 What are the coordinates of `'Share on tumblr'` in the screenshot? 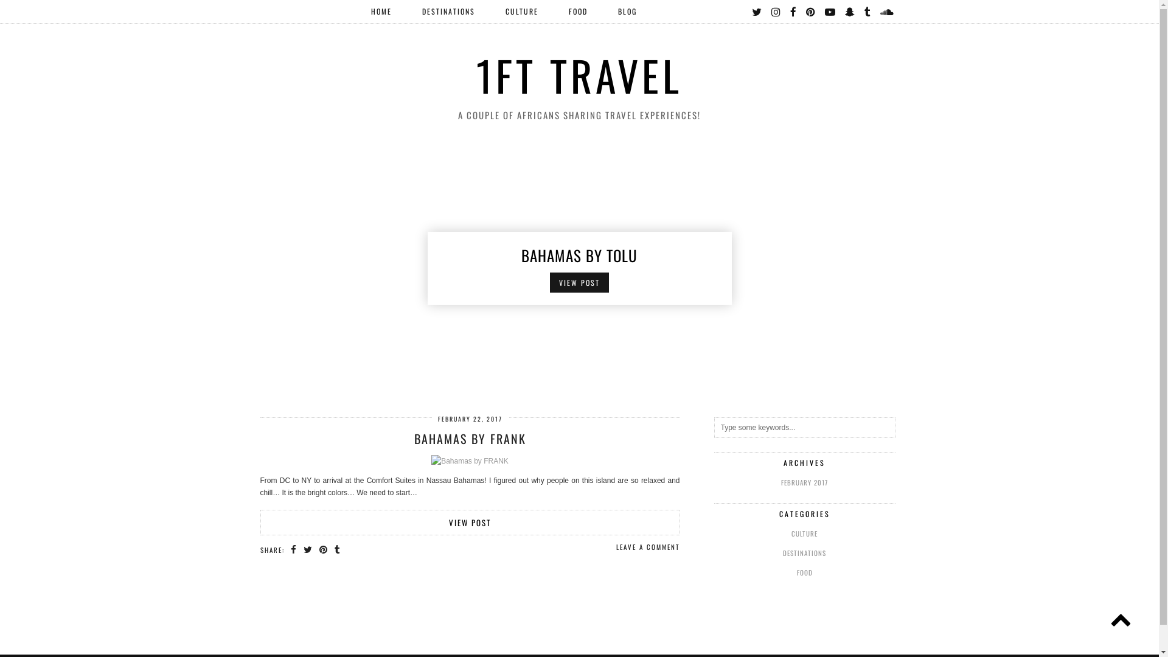 It's located at (335, 549).